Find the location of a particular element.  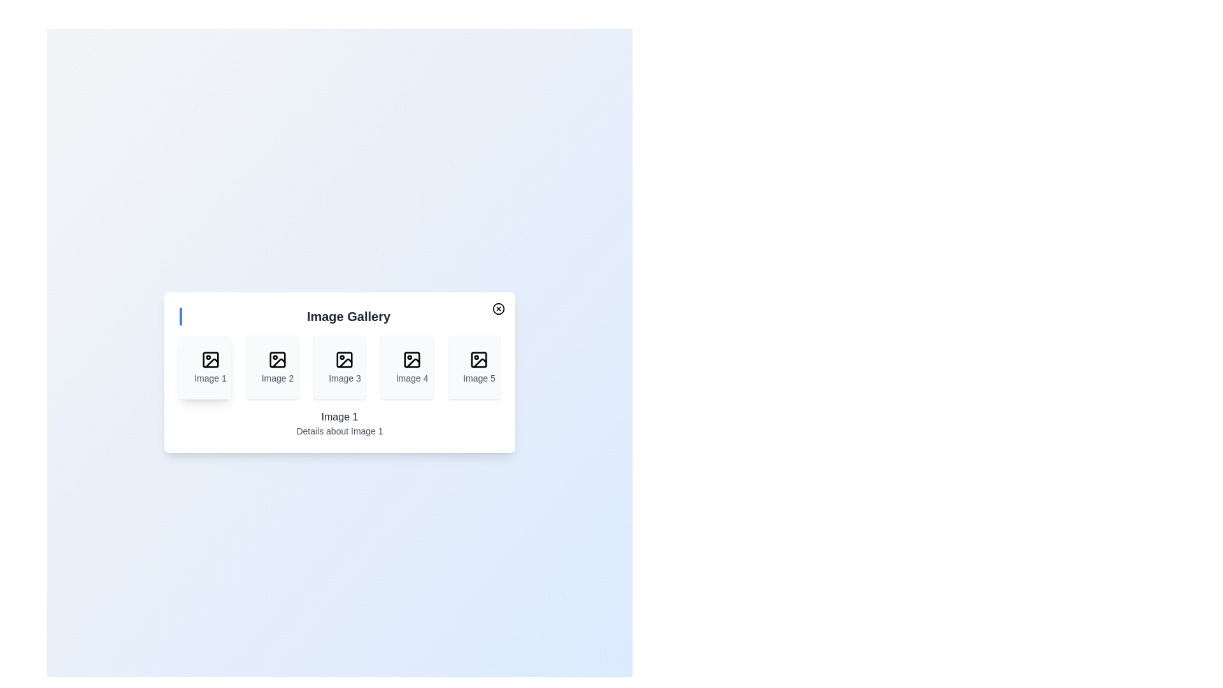

the currently selected image to view its details is located at coordinates (204, 368).